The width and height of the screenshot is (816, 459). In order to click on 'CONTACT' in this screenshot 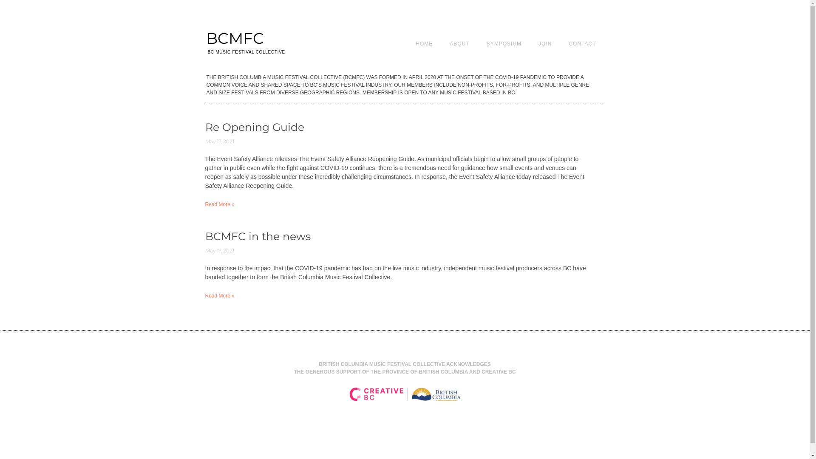, I will do `click(581, 43)`.